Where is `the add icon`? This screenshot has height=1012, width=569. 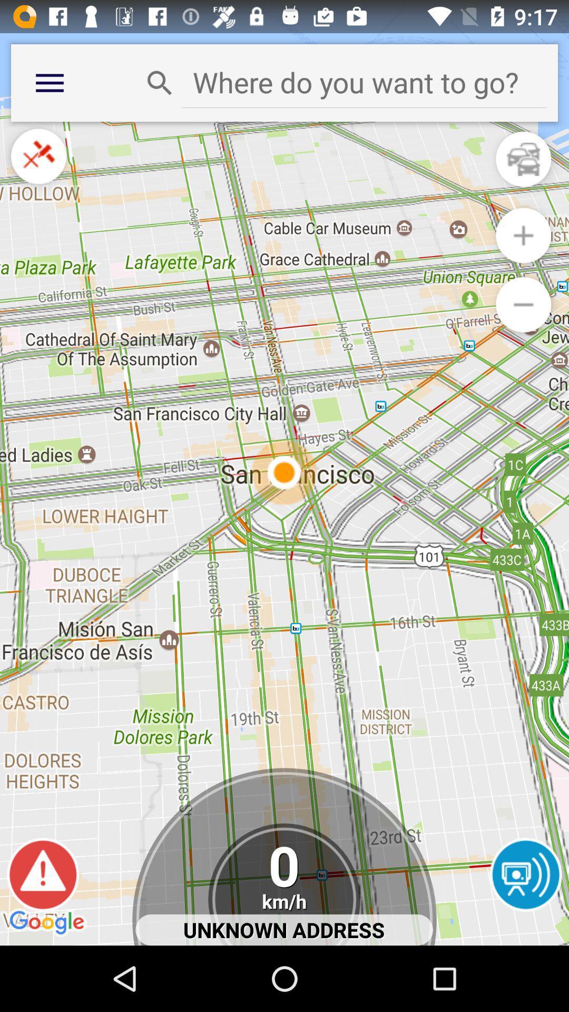 the add icon is located at coordinates (523, 251).